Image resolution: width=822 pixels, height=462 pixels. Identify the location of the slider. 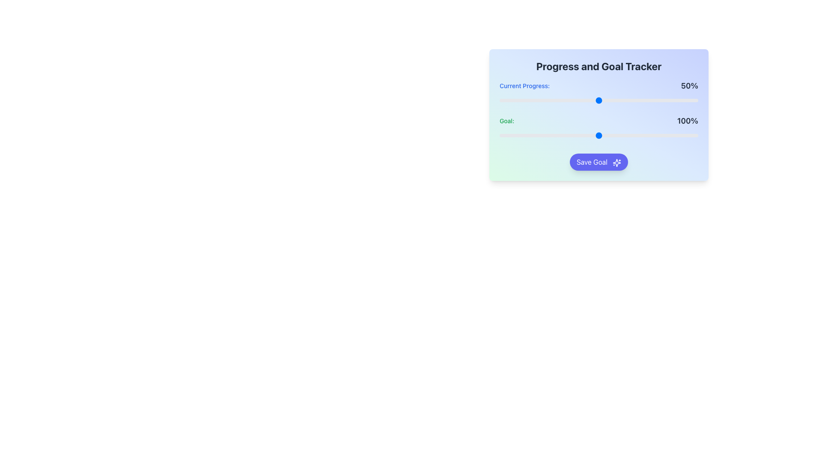
(650, 100).